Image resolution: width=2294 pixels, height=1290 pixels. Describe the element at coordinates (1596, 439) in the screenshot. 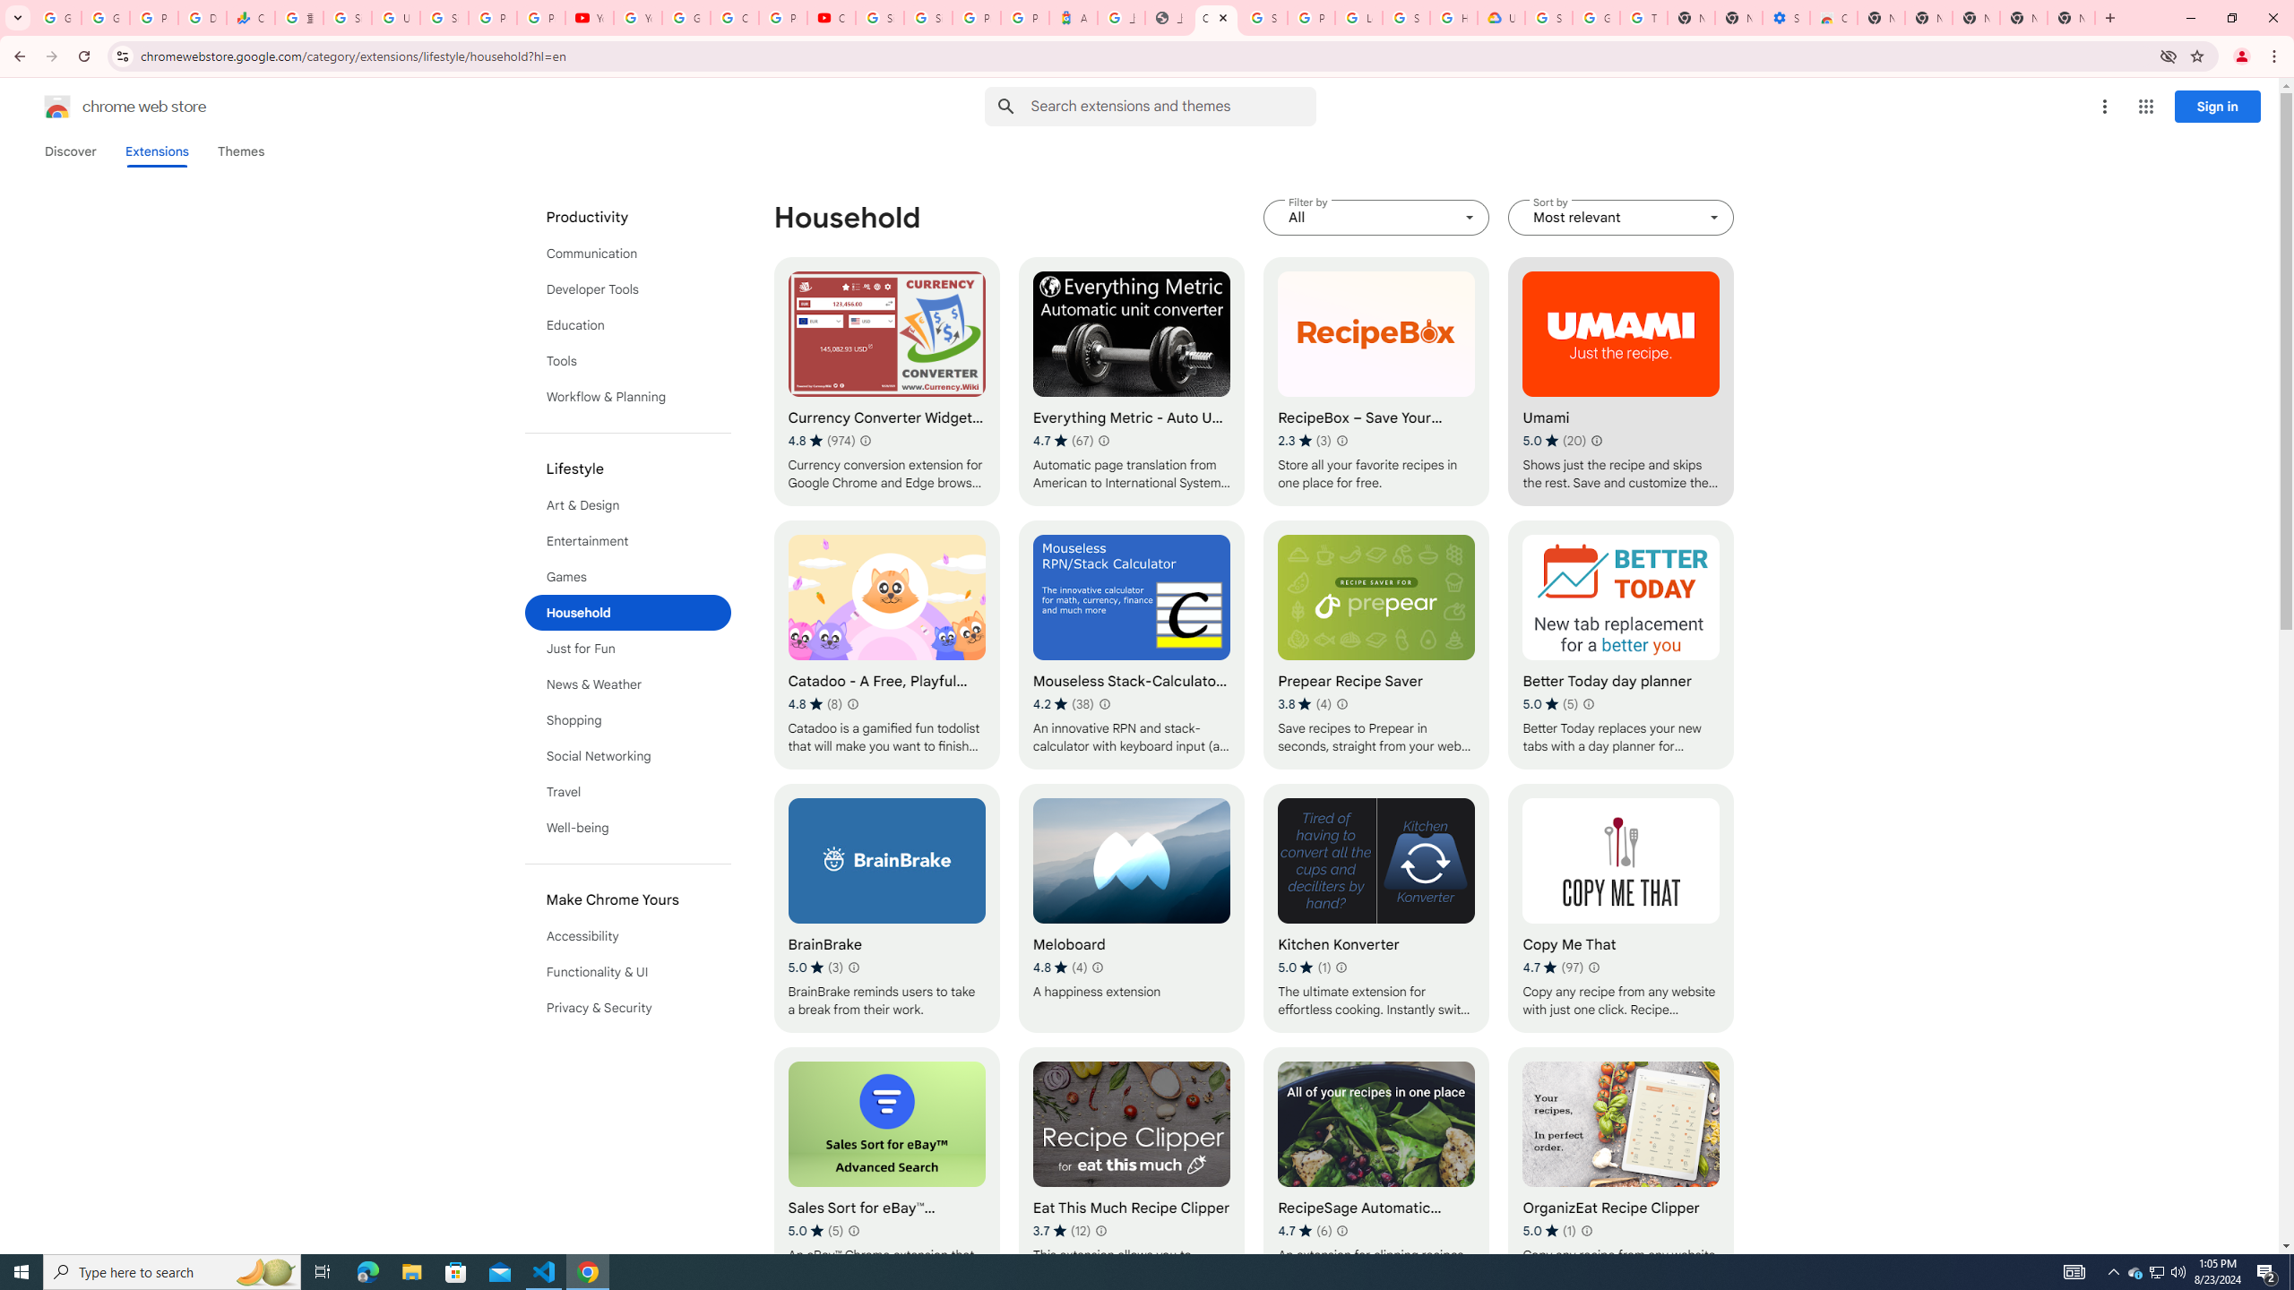

I see `'Learn more about results and reviews "Umami"'` at that location.